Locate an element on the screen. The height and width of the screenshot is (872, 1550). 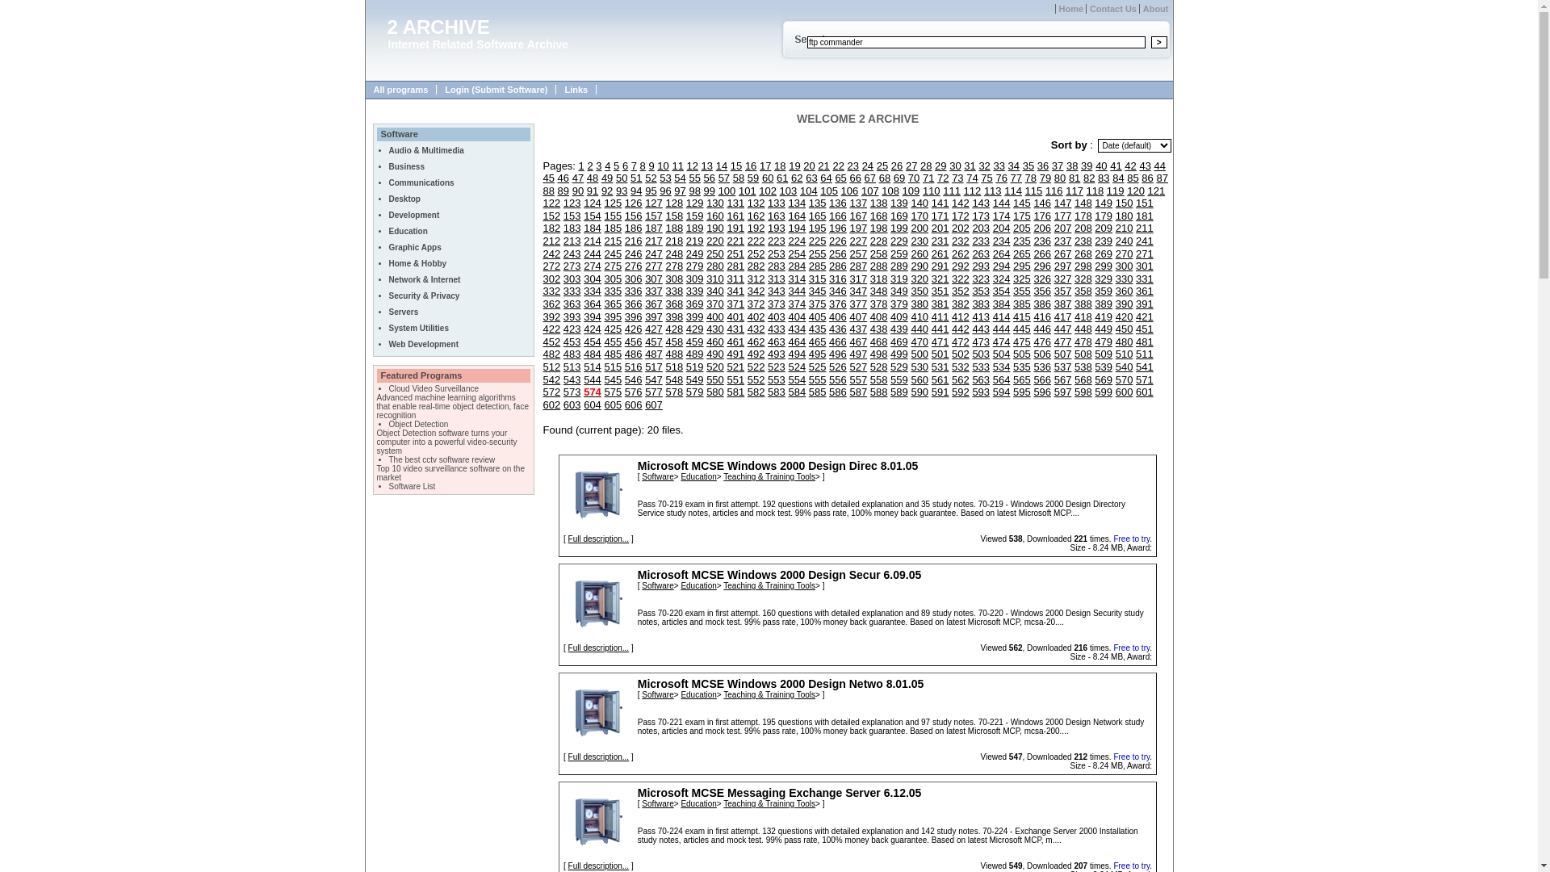
'108' is located at coordinates (880, 190).